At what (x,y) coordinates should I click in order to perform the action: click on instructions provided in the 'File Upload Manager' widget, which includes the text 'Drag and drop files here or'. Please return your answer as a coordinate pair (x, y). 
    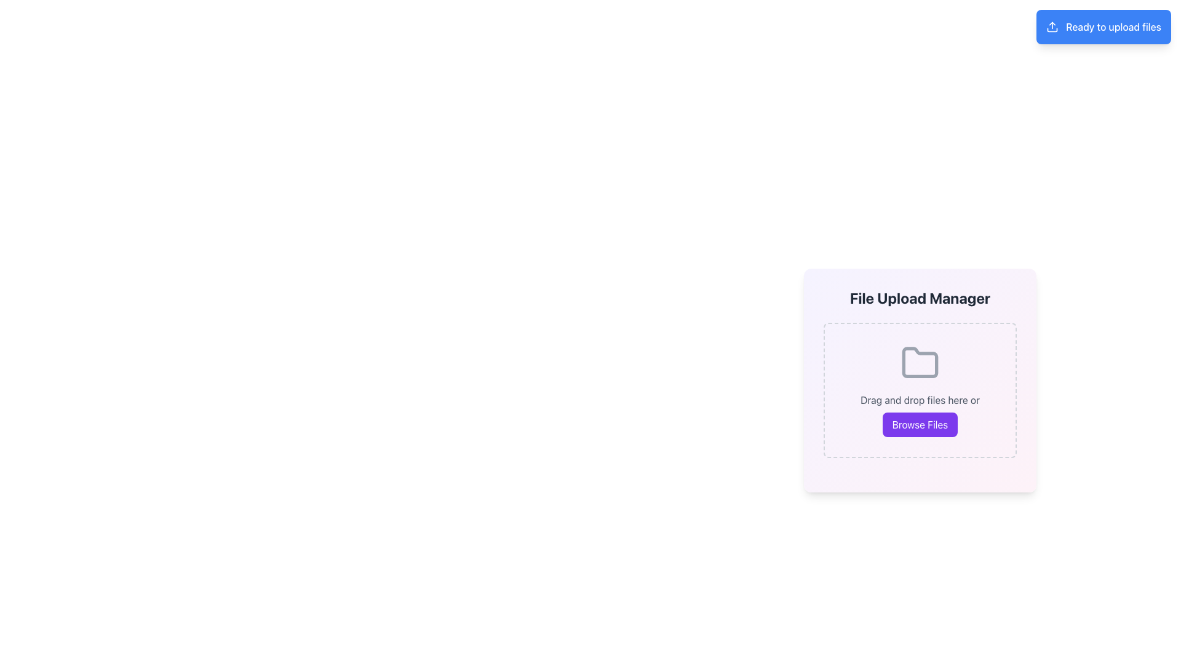
    Looking at the image, I should click on (920, 379).